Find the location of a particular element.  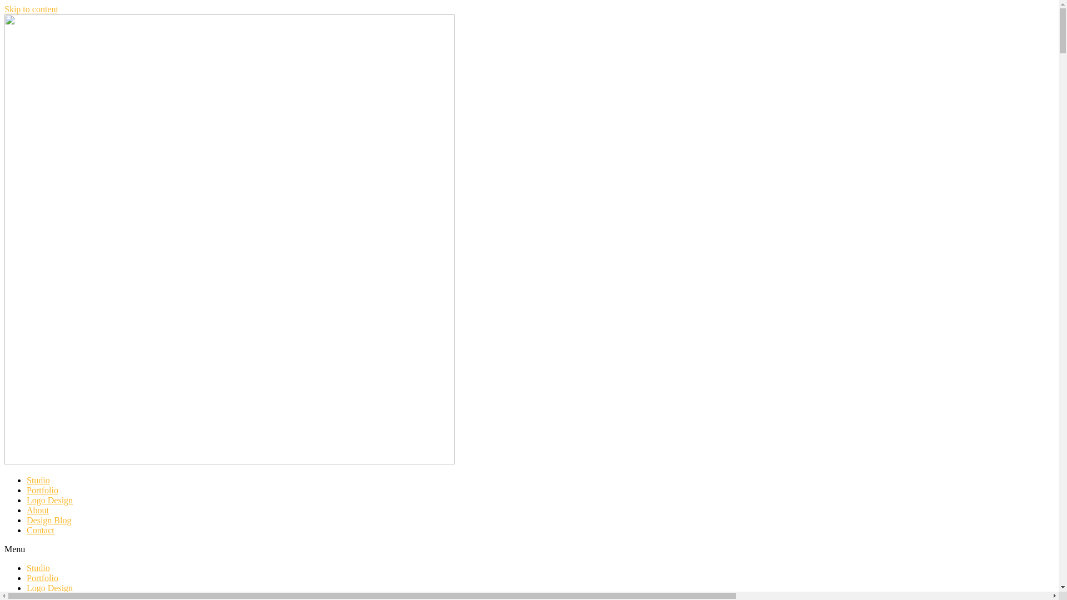

'Portfolio' is located at coordinates (42, 577).